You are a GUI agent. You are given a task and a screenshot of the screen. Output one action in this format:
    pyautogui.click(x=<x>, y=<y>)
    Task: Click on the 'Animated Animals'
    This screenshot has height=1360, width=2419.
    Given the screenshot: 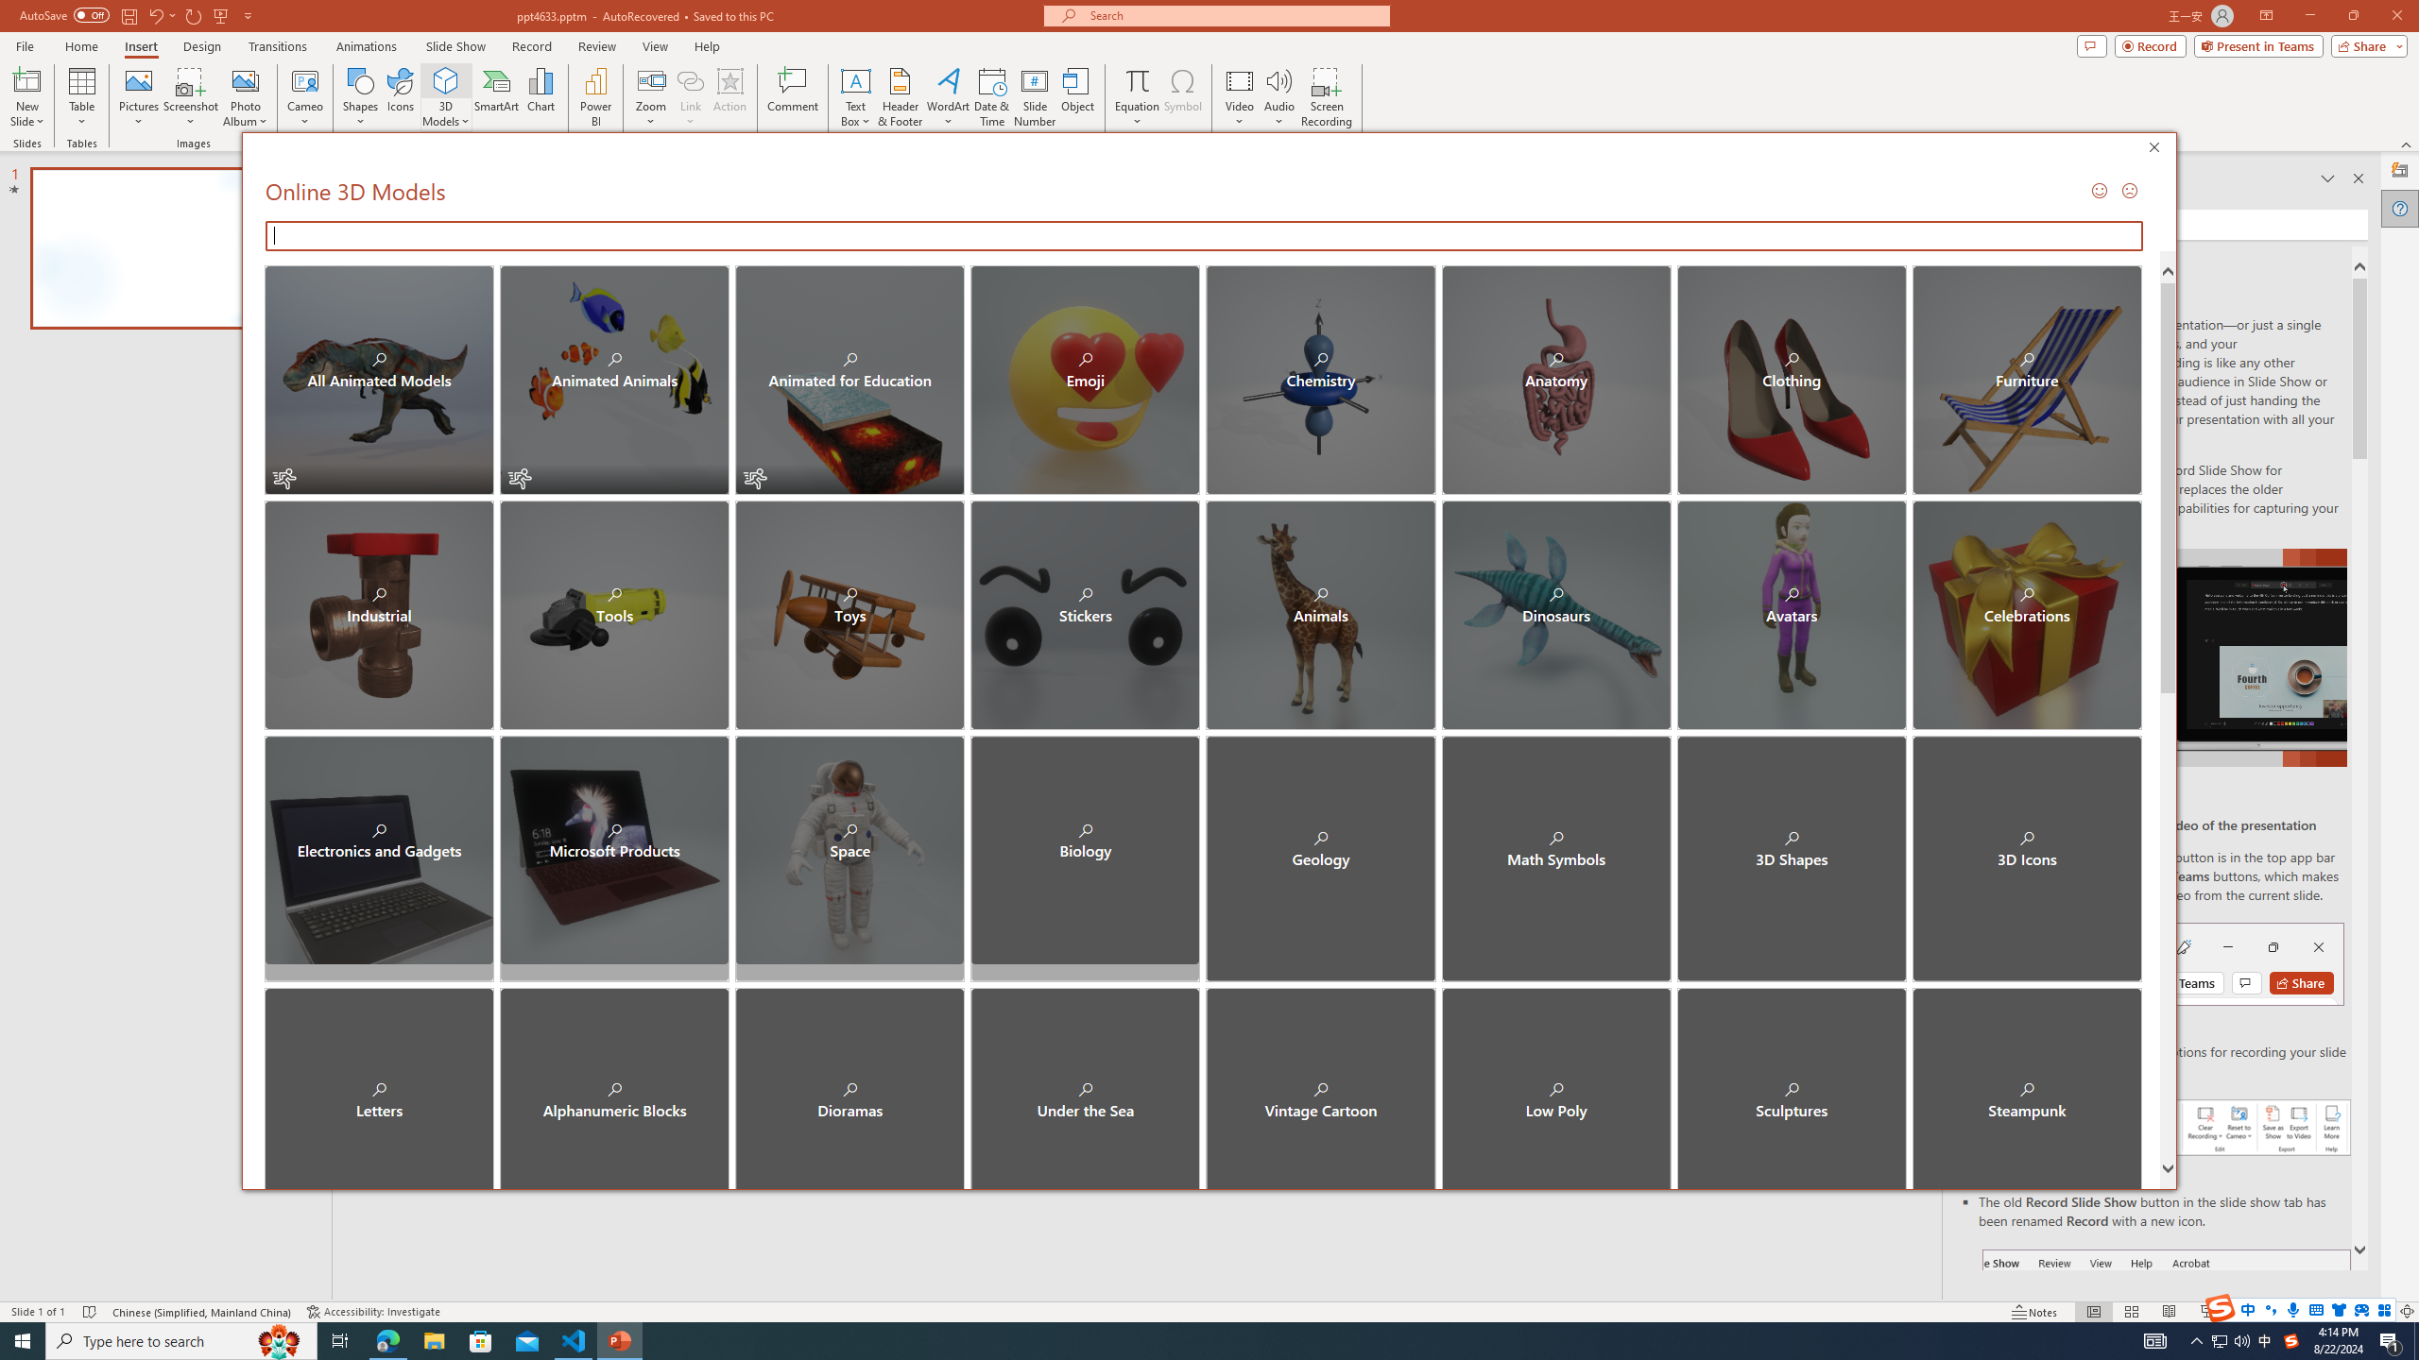 What is the action you would take?
    pyautogui.click(x=613, y=380)
    